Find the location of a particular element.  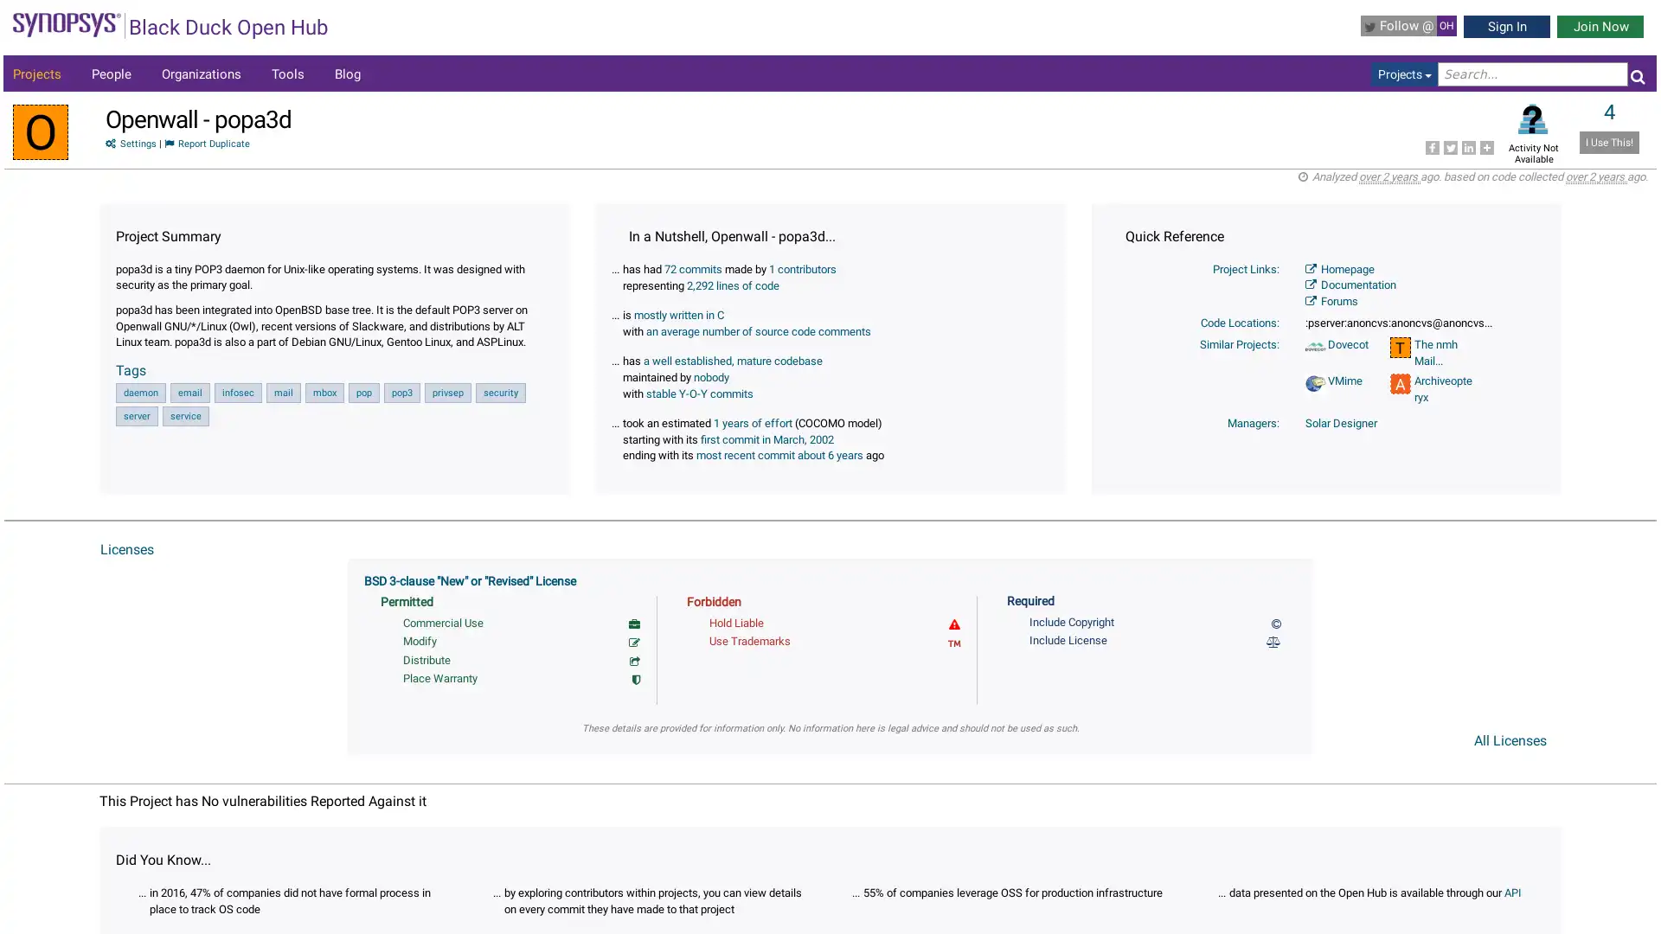

Share to Facebook is located at coordinates (1432, 146).